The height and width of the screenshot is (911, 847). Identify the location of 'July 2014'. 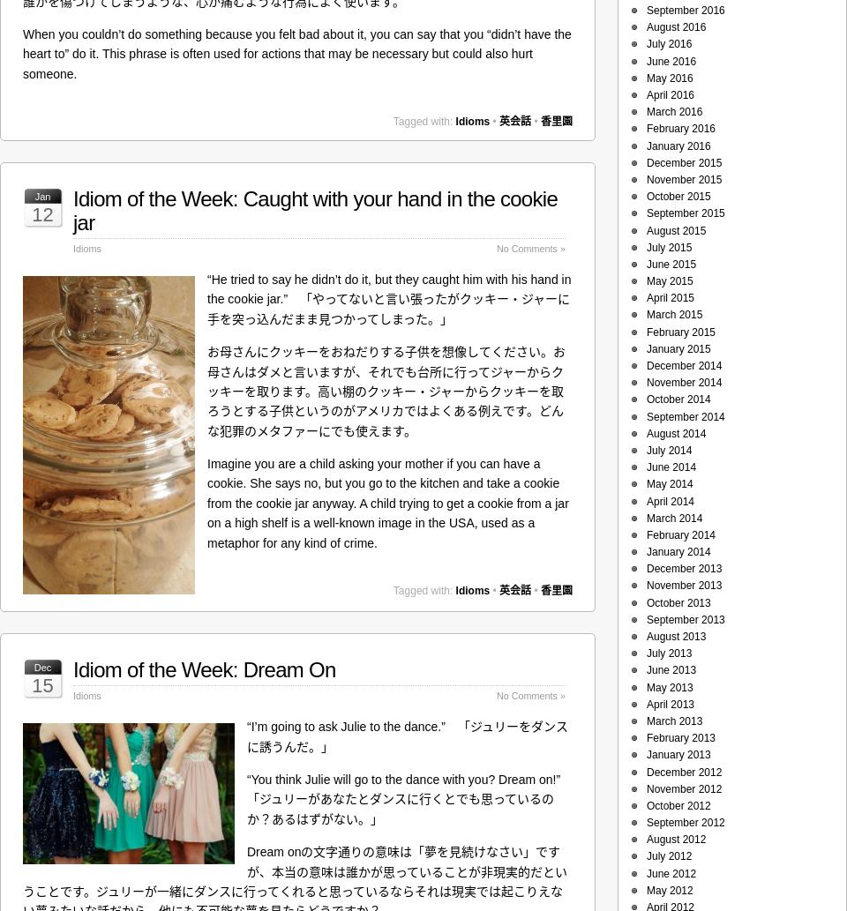
(668, 449).